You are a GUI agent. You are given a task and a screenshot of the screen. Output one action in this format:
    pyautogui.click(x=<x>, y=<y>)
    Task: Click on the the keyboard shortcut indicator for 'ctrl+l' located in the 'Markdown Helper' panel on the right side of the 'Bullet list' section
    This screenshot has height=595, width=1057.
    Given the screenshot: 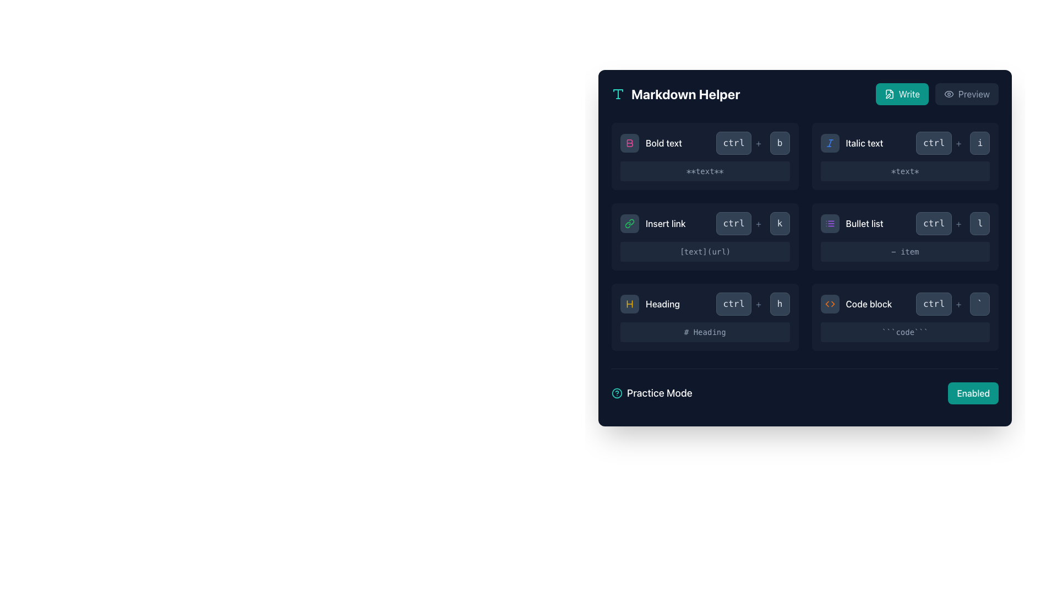 What is the action you would take?
    pyautogui.click(x=952, y=223)
    